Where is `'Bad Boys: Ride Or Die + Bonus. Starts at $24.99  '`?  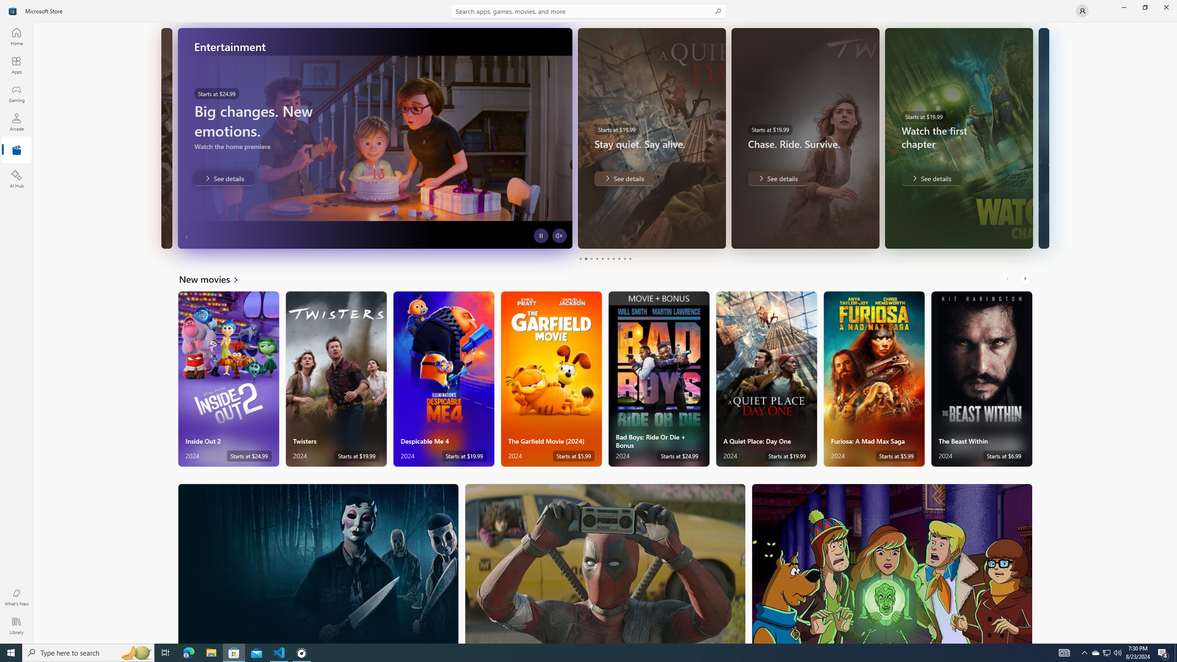 'Bad Boys: Ride Or Die + Bonus. Starts at $24.99  ' is located at coordinates (658, 379).